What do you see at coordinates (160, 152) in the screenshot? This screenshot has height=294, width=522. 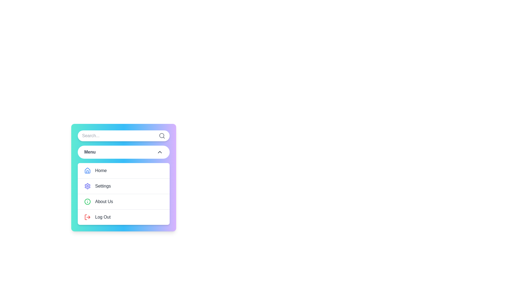 I see `the icon that serves as a visual indicator for collapsing or expanding the 'Menu' section, located to the right of the 'Menu' text, to potentially display a tooltip` at bounding box center [160, 152].